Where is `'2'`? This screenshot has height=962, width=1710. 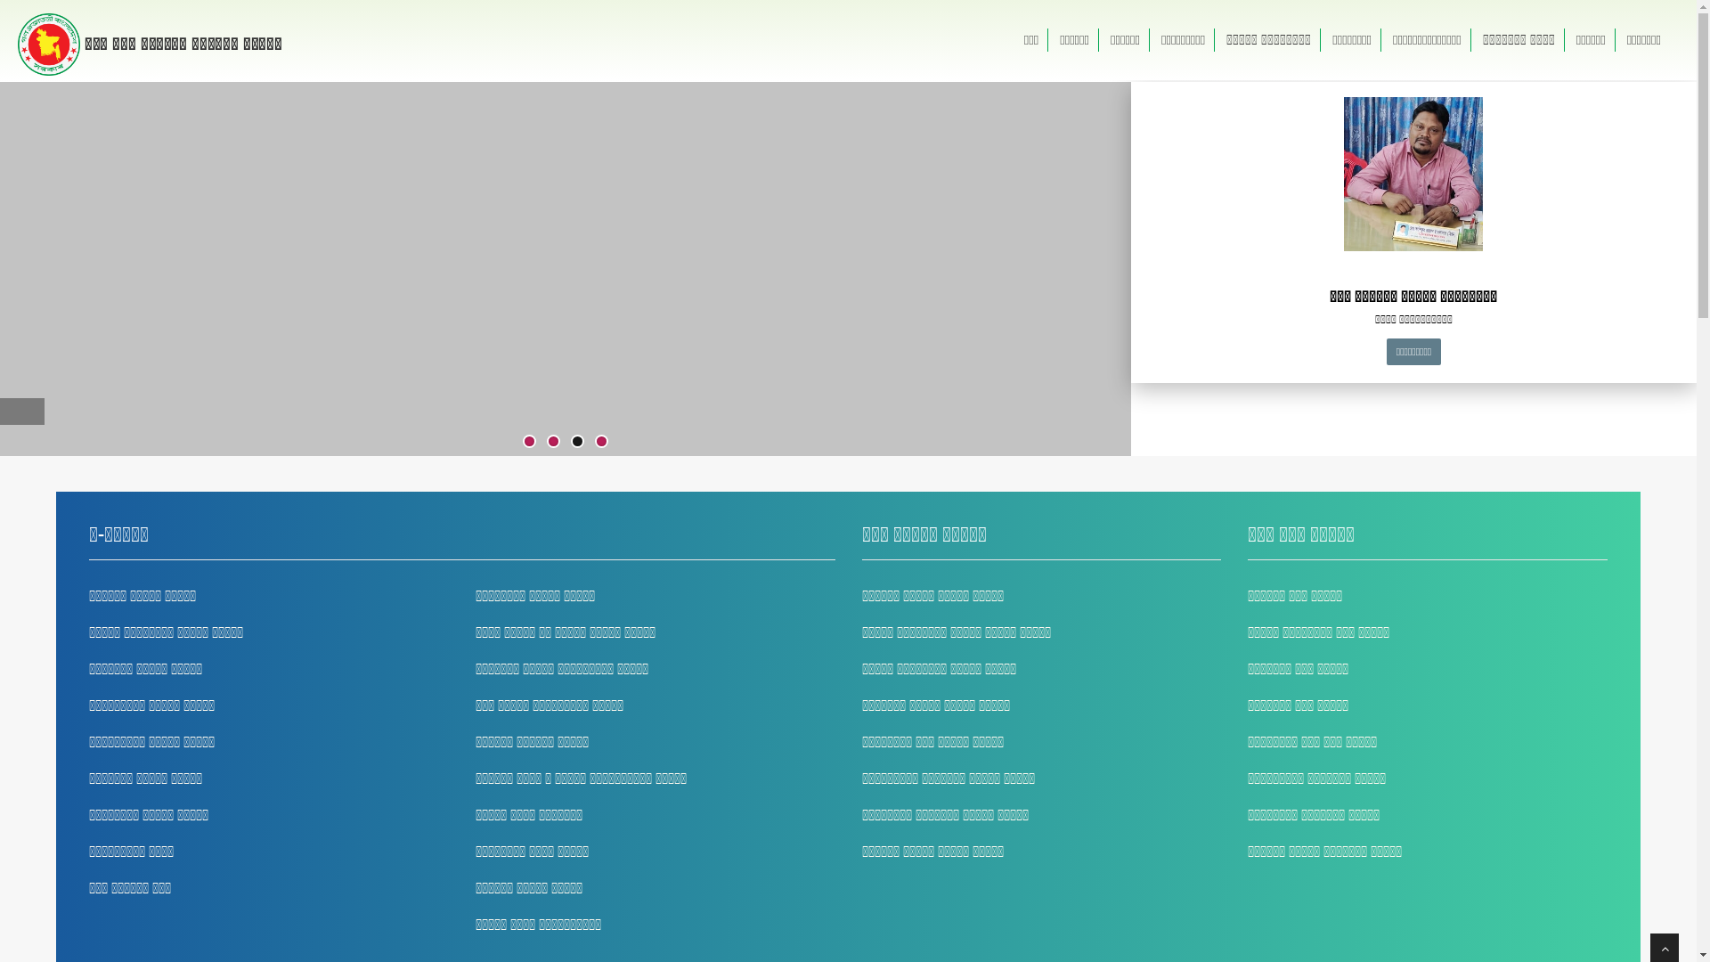 '2' is located at coordinates (552, 441).